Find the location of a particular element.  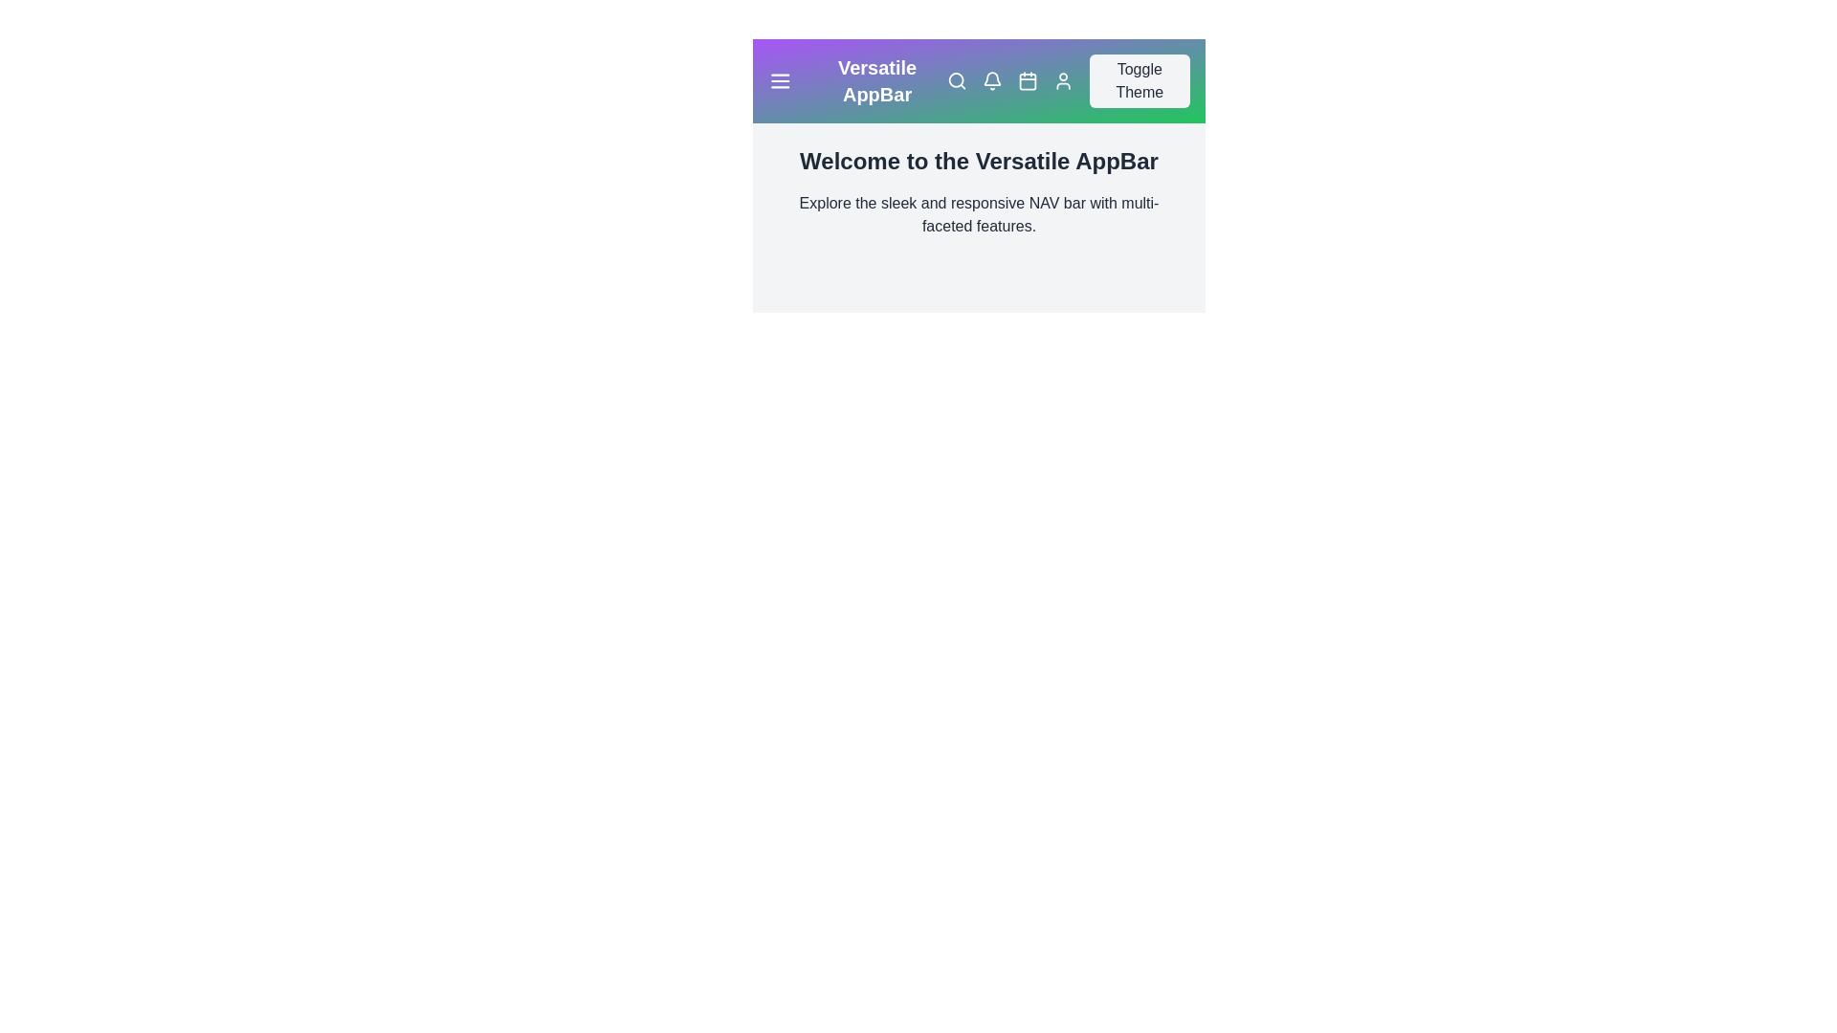

the notification bell icon to view alerts is located at coordinates (992, 79).